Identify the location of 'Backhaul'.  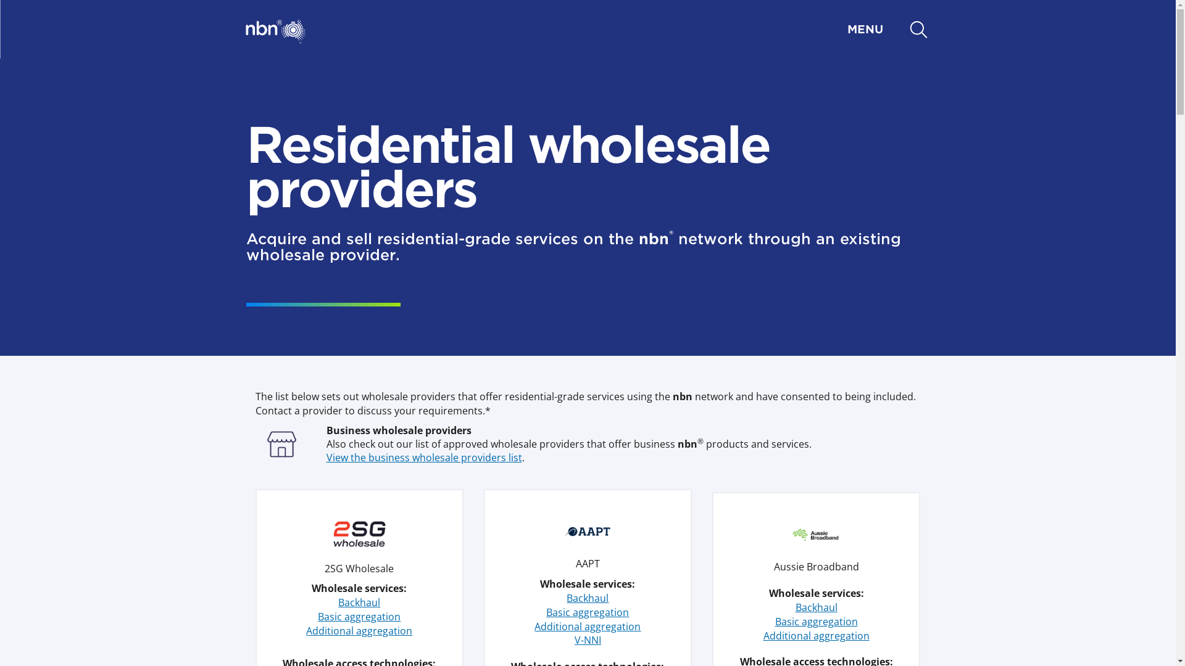
(358, 601).